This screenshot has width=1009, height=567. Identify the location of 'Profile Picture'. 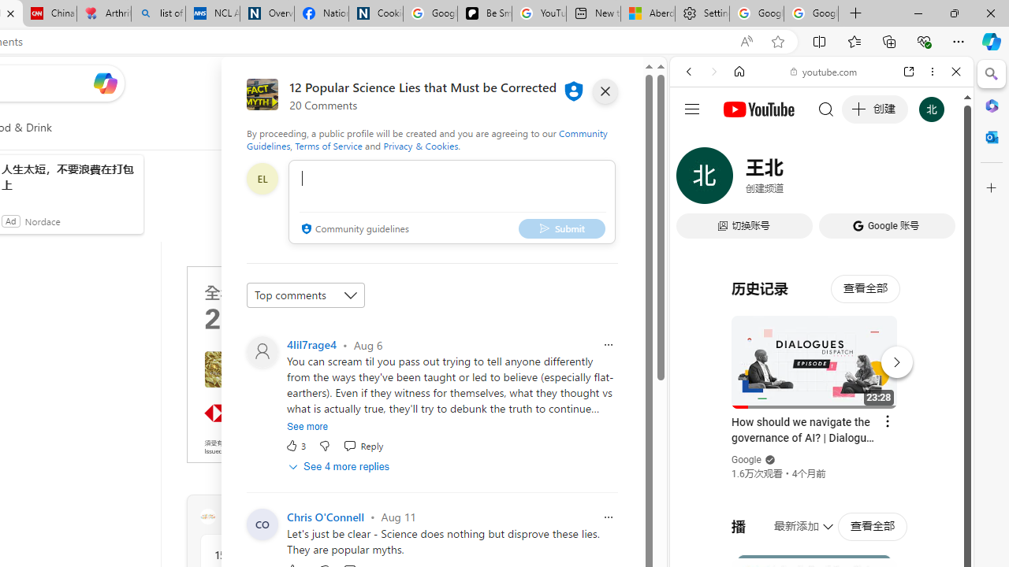
(262, 524).